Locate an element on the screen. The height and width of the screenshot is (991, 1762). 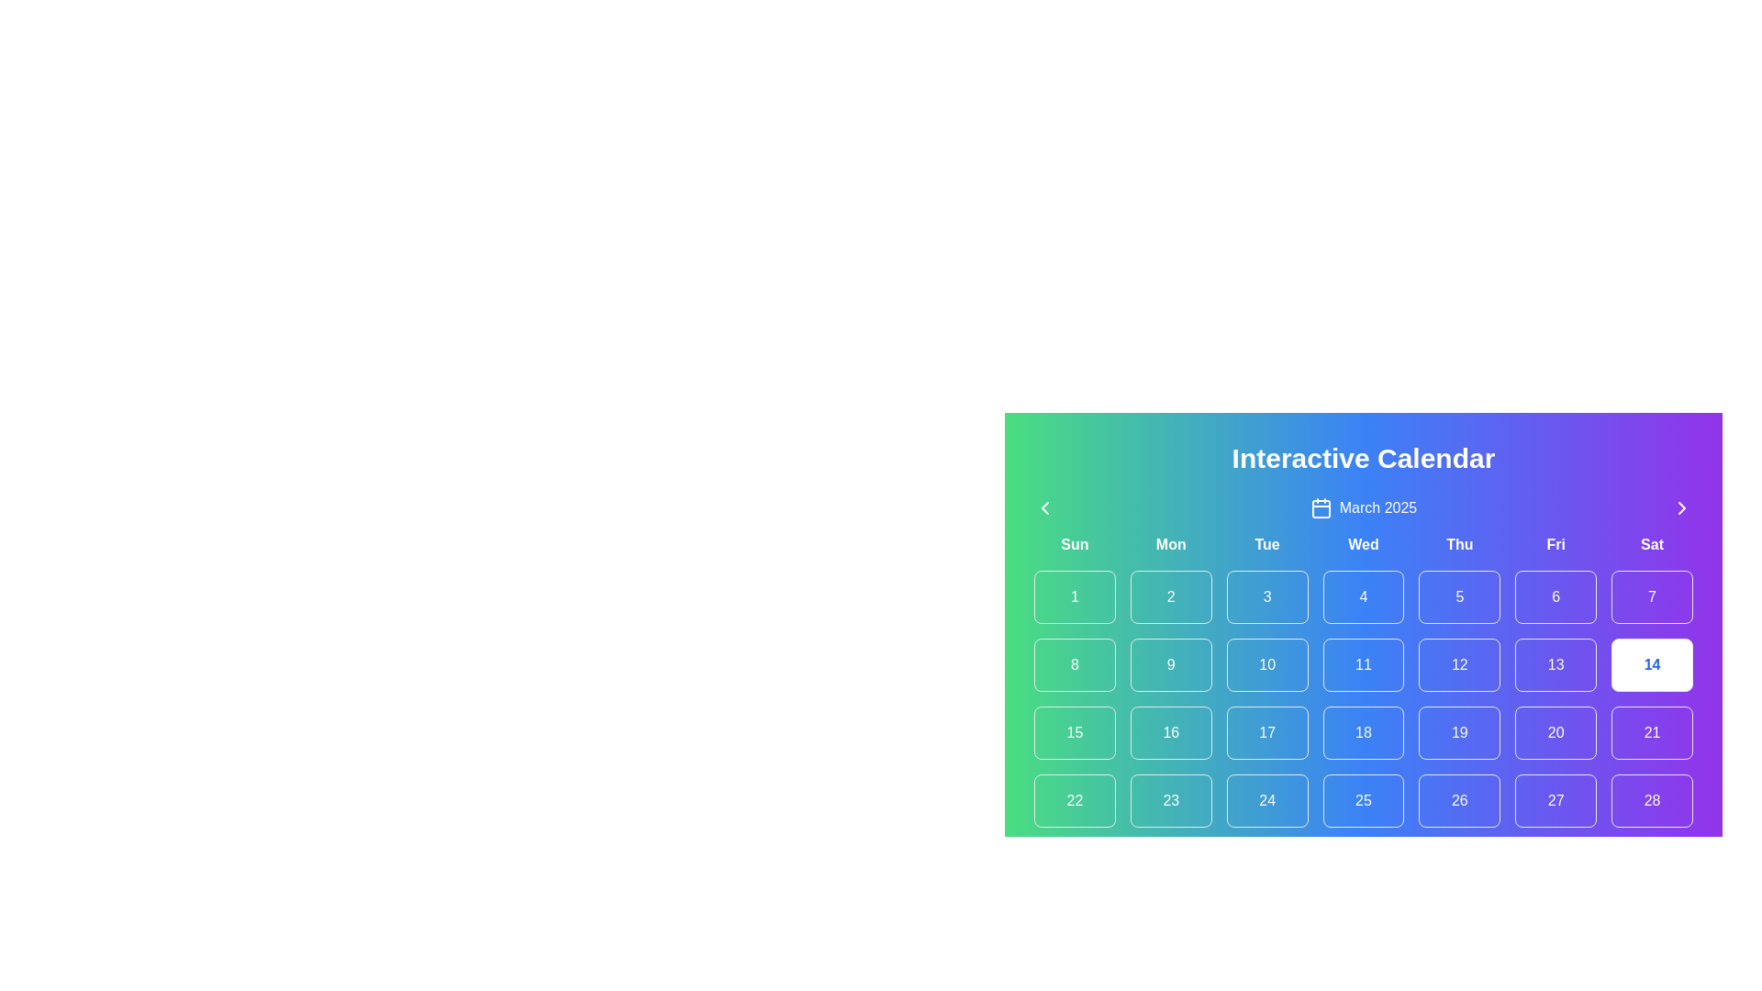
the button labeled '7' in the calendar interface, which is styled as a rounded rectangle with a purple gradient background is located at coordinates (1652, 597).